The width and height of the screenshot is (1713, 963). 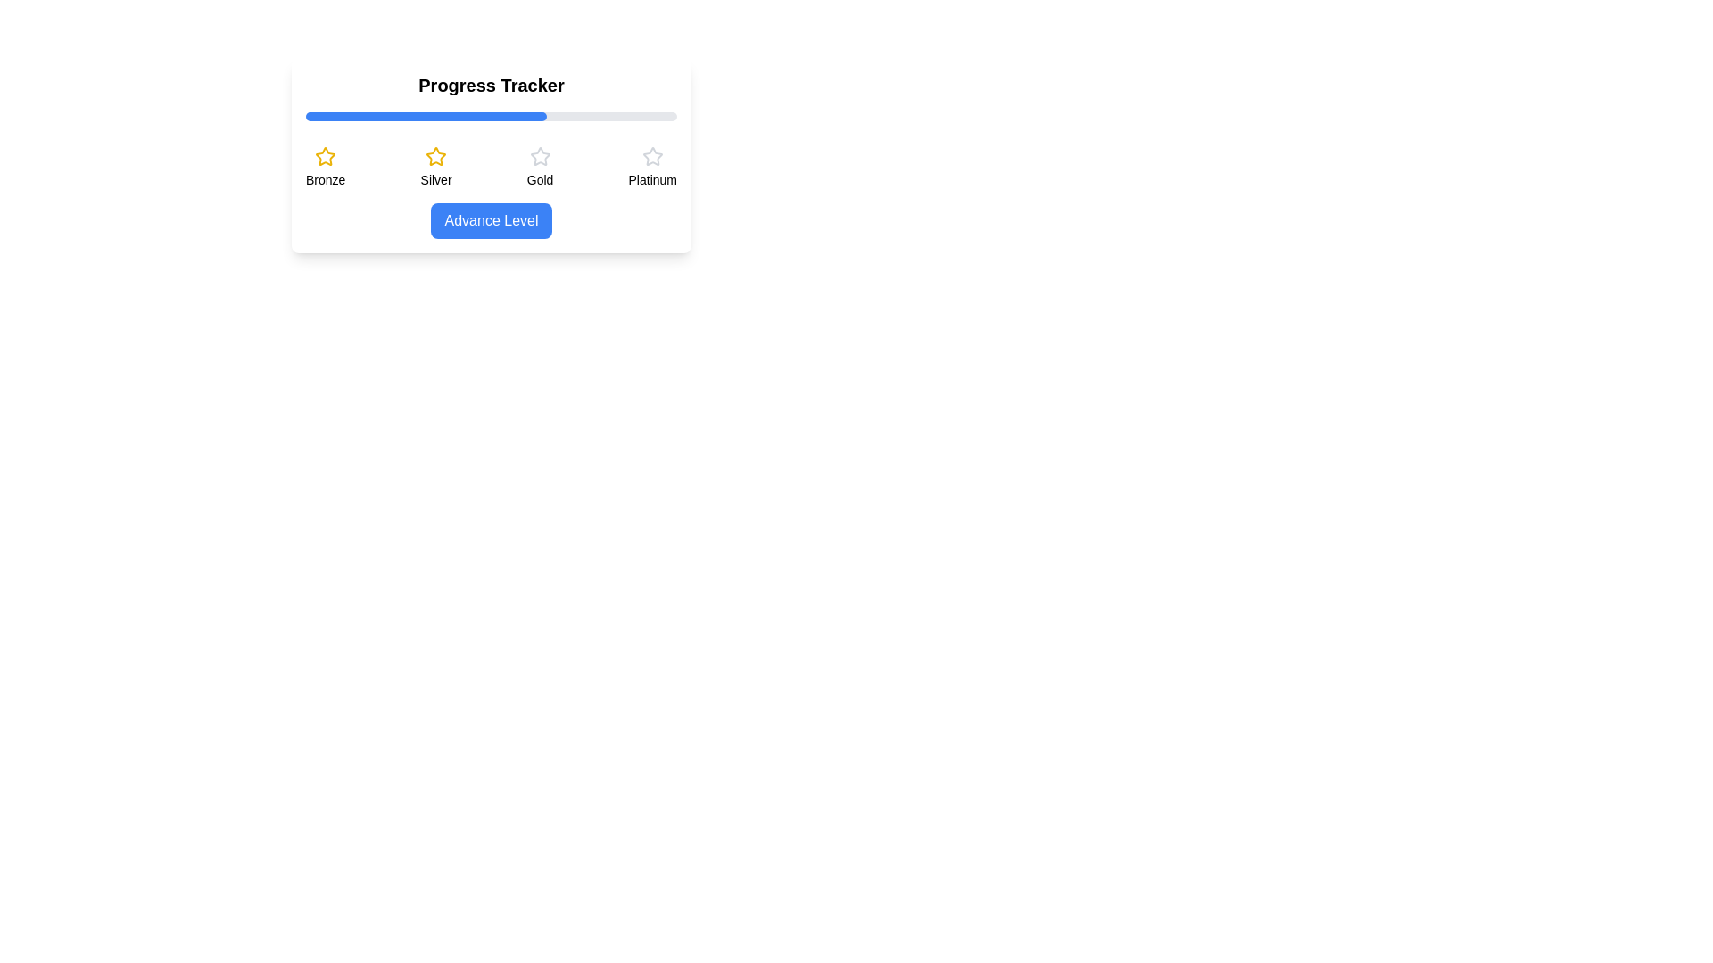 I want to click on the non-interactive 'Gold' level icon in the progress tracker system, located below the 'Progress Tracker' header and above the 'Advance Level' button, so click(x=539, y=165).